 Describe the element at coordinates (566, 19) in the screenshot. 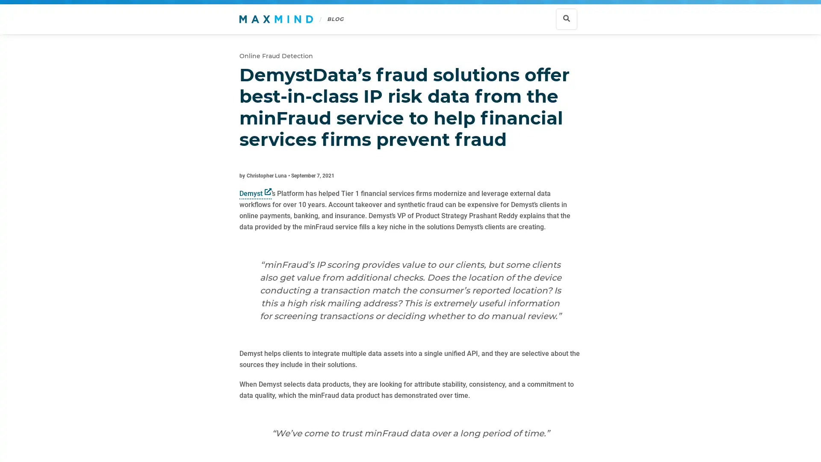

I see `Show search bar` at that location.